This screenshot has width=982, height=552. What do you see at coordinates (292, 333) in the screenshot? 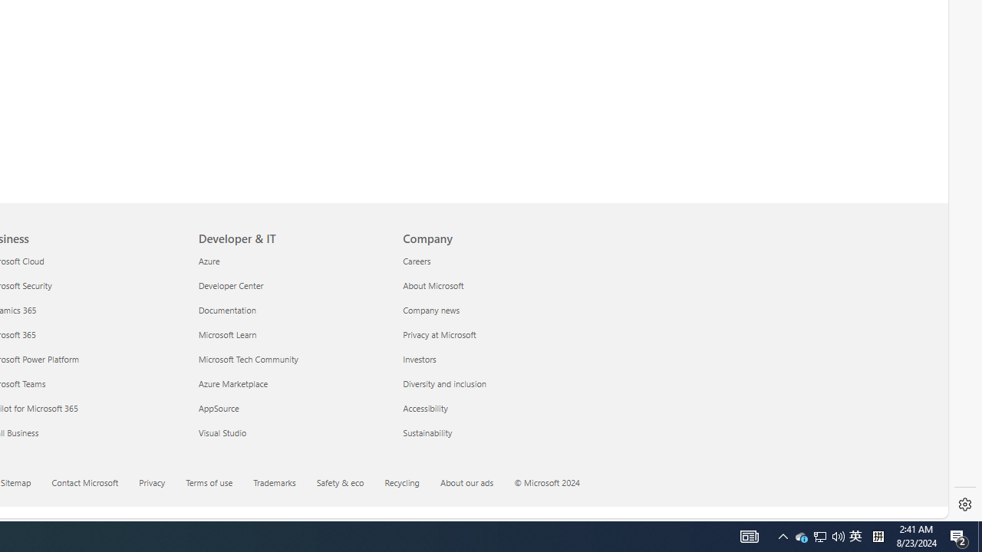
I see `'Microsoft Learn'` at bounding box center [292, 333].